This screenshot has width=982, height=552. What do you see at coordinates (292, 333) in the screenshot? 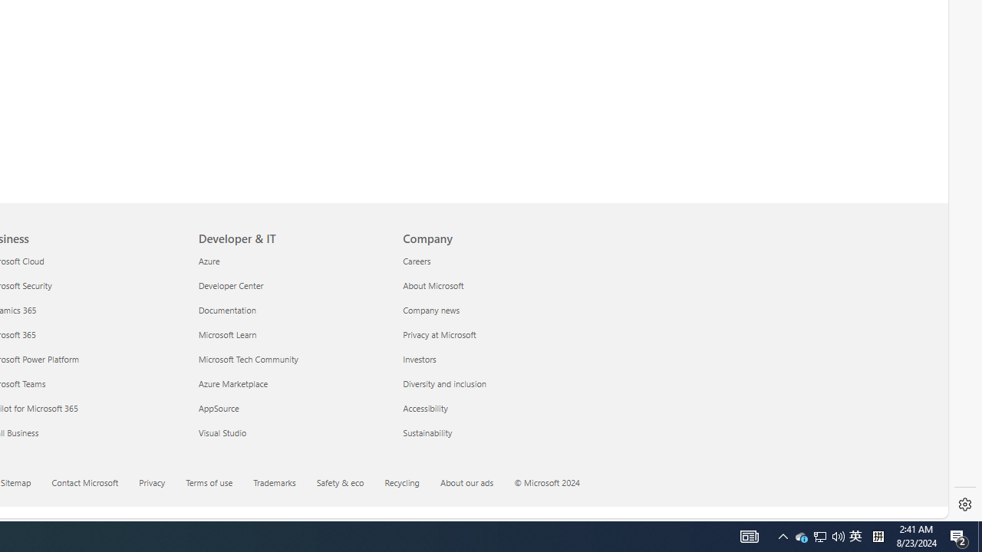
I see `'Microsoft Learn'` at bounding box center [292, 333].